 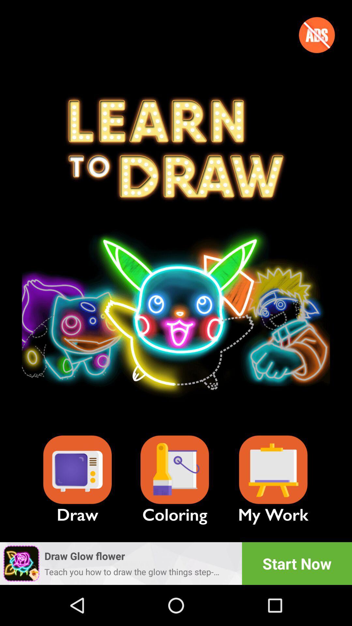 What do you see at coordinates (174, 470) in the screenshot?
I see `pick` at bounding box center [174, 470].